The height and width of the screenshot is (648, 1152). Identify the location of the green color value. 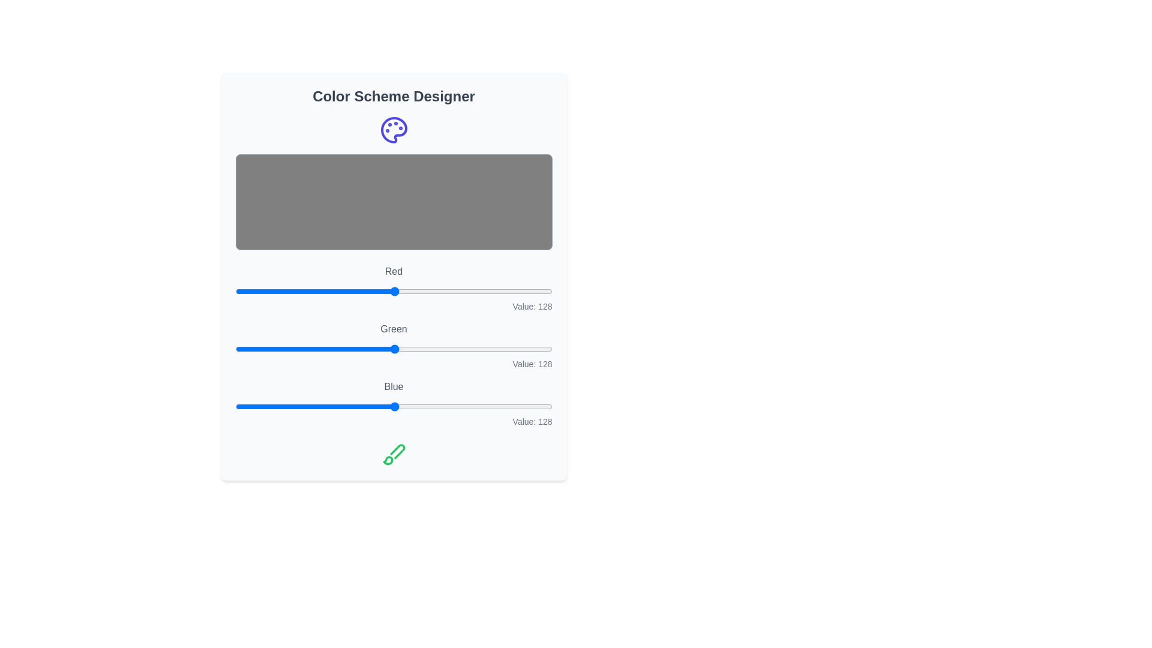
(354, 349).